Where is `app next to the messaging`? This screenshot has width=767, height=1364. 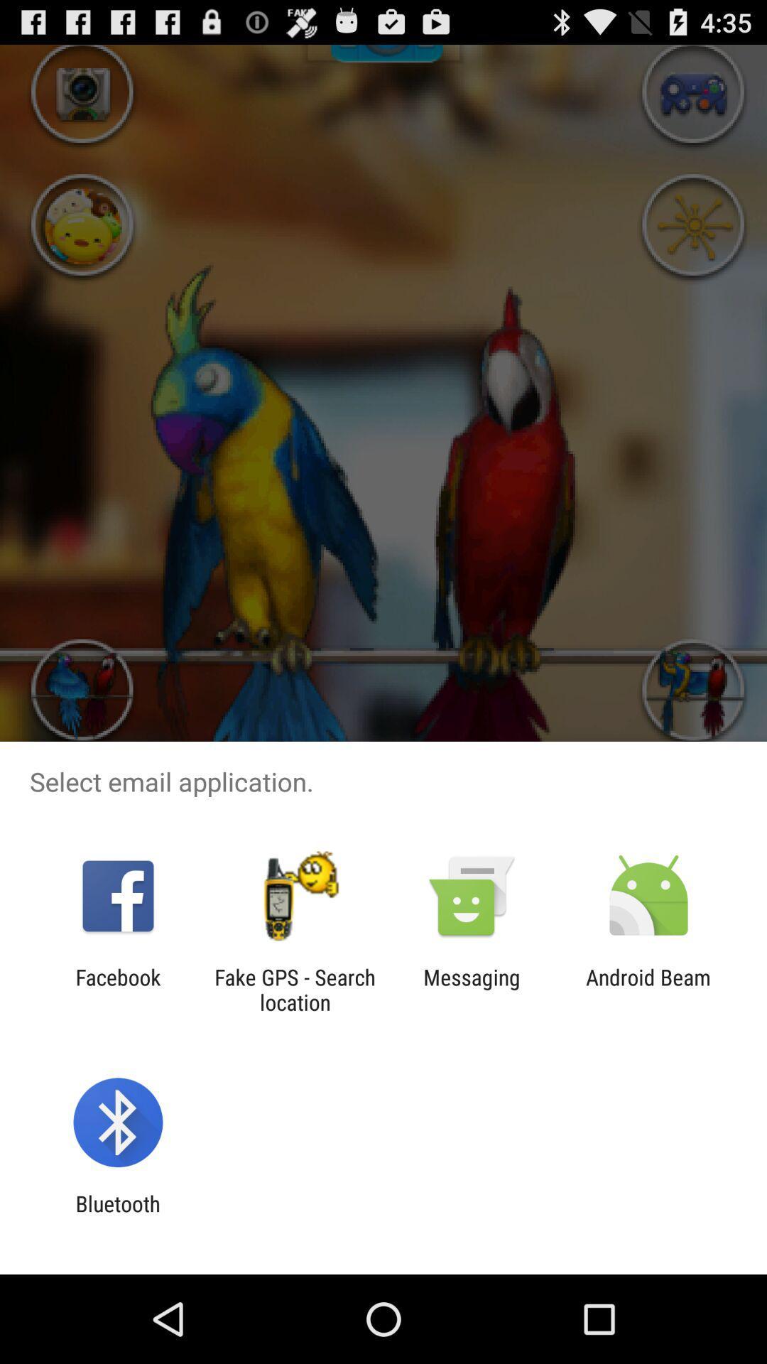 app next to the messaging is located at coordinates (294, 989).